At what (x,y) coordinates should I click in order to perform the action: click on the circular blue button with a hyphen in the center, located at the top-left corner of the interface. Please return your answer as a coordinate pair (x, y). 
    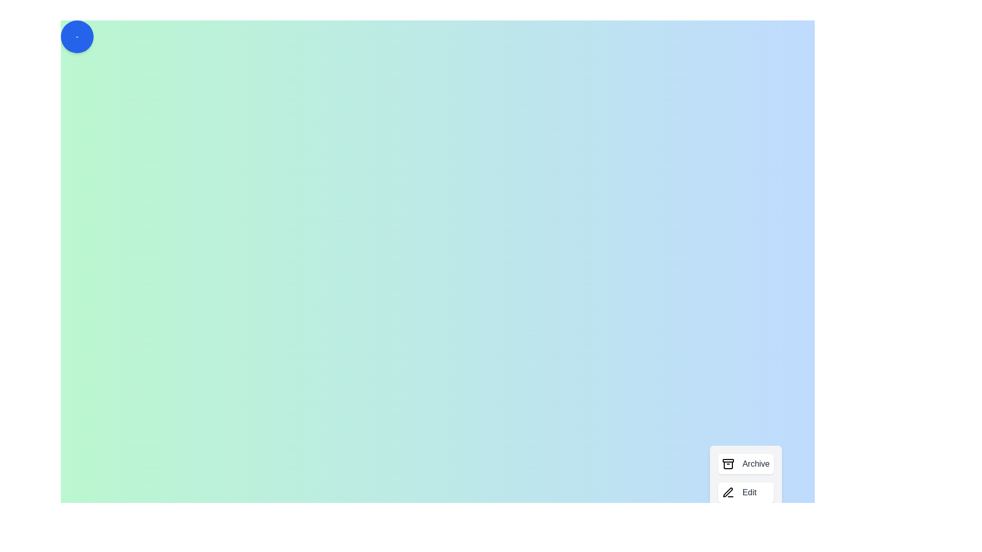
    Looking at the image, I should click on (76, 36).